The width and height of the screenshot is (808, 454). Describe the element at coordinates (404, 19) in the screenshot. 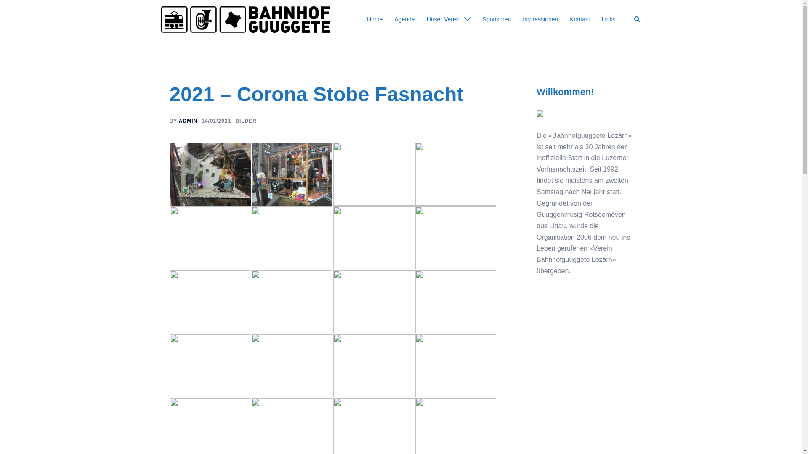

I see `'Agenda'` at that location.